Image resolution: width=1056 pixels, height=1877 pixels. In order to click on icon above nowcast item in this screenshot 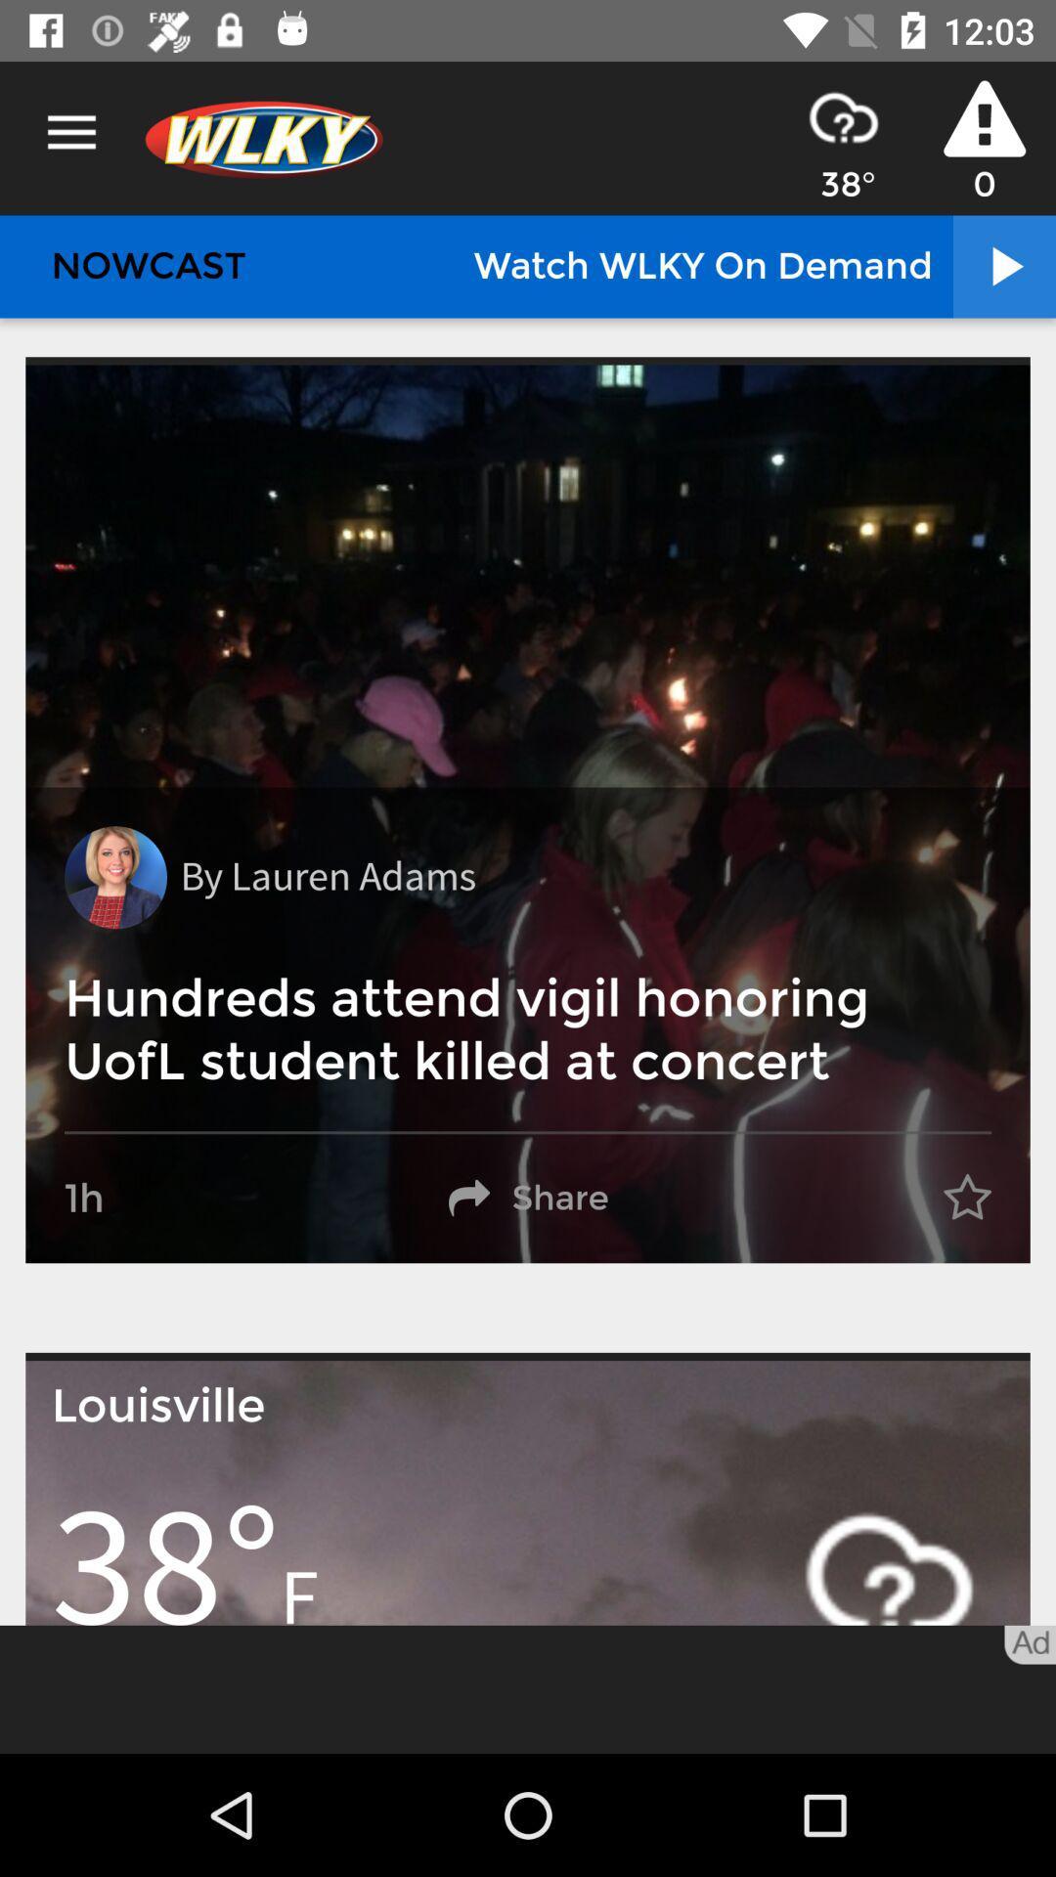, I will do `click(70, 132)`.